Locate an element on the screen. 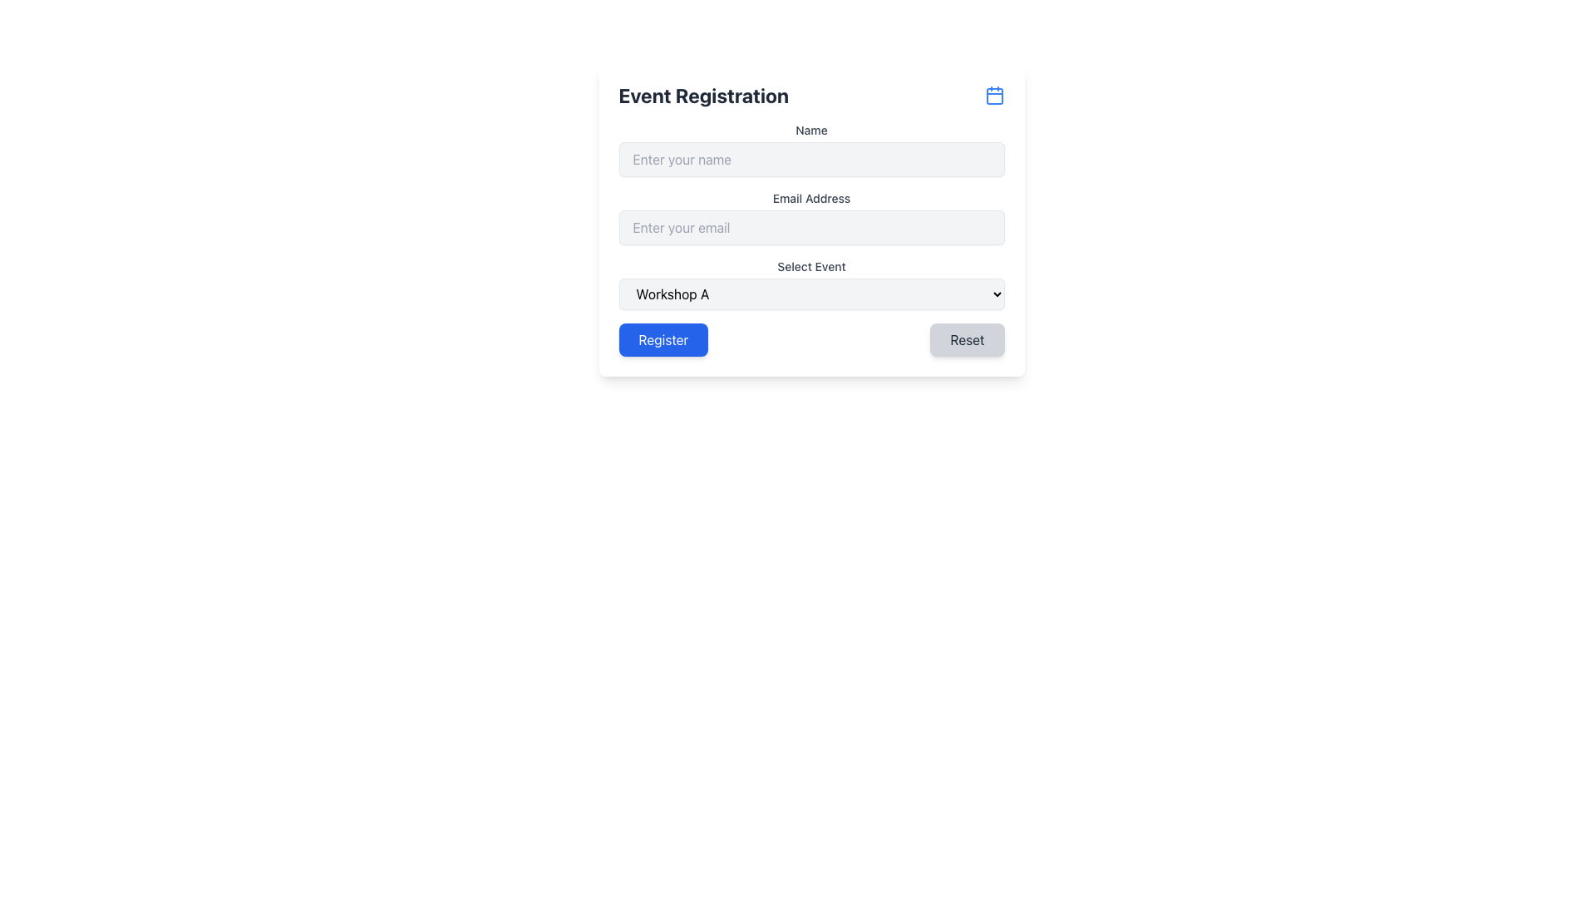 The width and height of the screenshot is (1596, 898). the 'Register' button, which is a blue button with white text located on the lower left side of the form layout is located at coordinates (663, 338).